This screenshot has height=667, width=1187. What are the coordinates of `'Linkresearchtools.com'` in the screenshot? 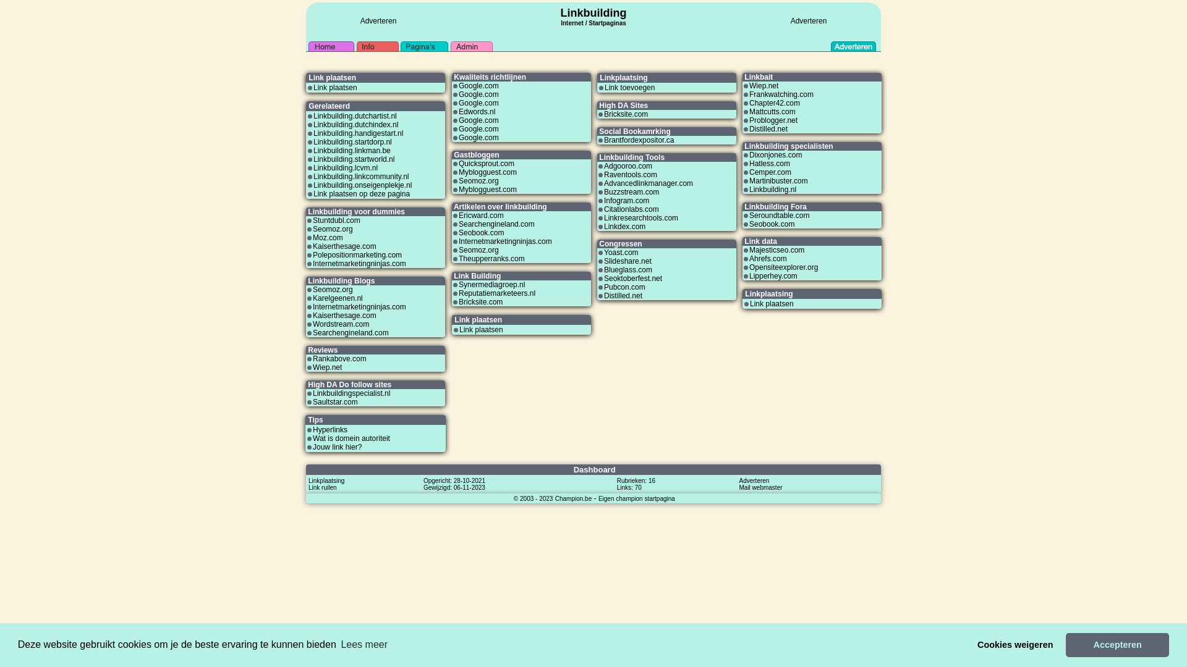 It's located at (640, 217).